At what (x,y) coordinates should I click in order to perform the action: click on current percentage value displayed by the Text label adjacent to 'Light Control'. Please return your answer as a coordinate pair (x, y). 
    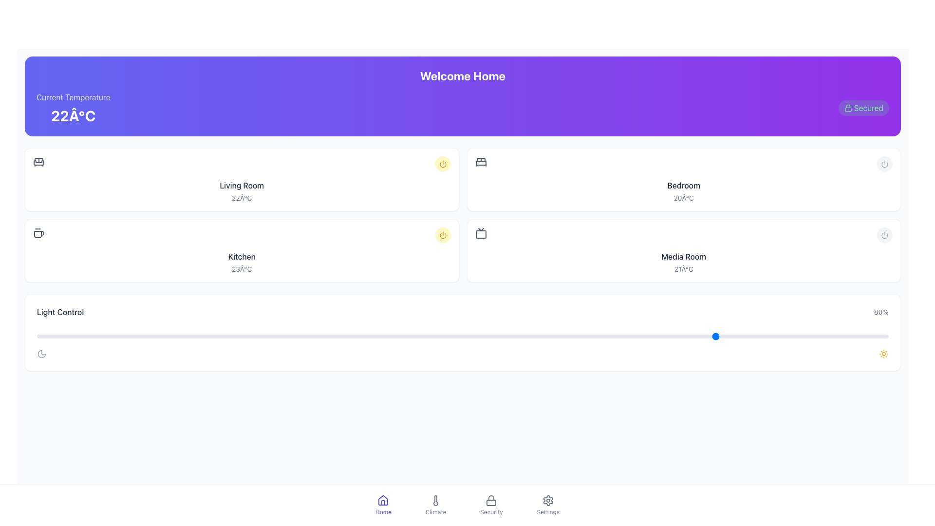
    Looking at the image, I should click on (881, 312).